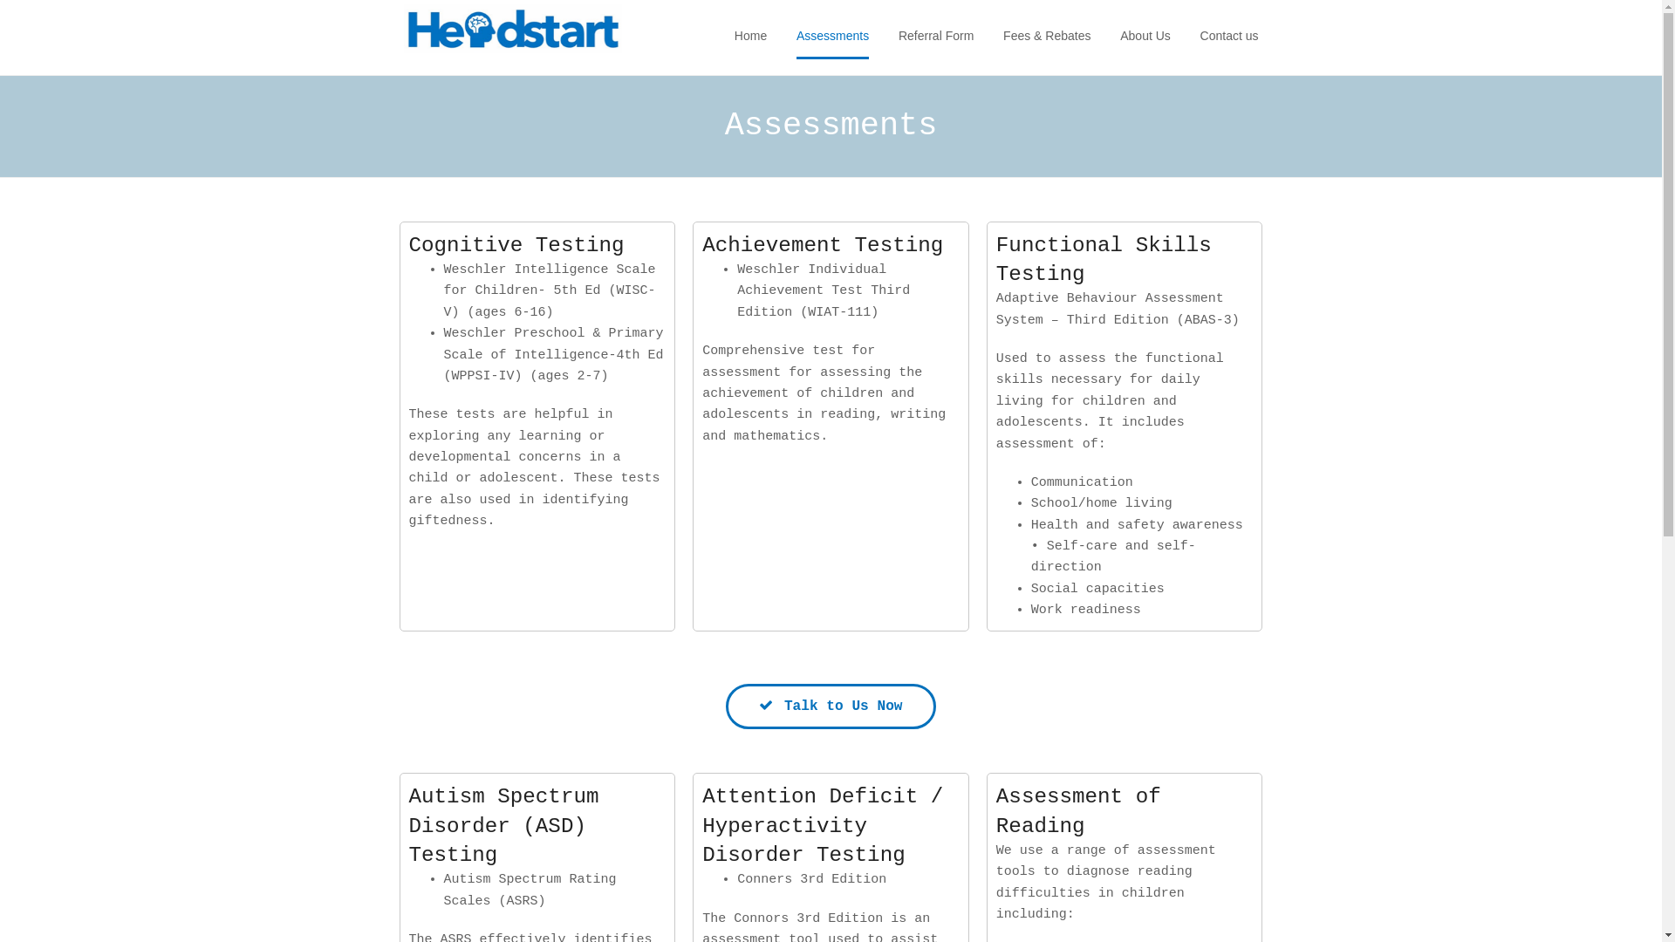 This screenshot has width=1675, height=942. I want to click on 'Home', so click(750, 37).